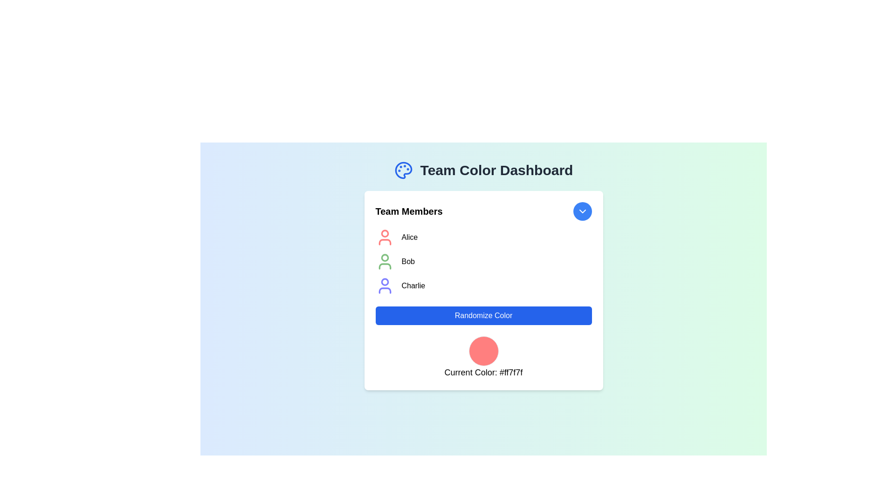 Image resolution: width=895 pixels, height=503 pixels. What do you see at coordinates (385, 262) in the screenshot?
I see `the User icon representing 'Bob' in the 'Team Members' list` at bounding box center [385, 262].